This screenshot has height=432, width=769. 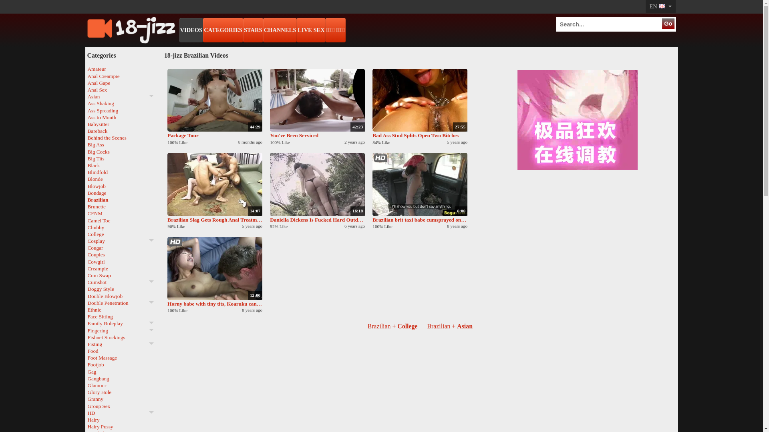 I want to click on 'HD', so click(x=120, y=413).